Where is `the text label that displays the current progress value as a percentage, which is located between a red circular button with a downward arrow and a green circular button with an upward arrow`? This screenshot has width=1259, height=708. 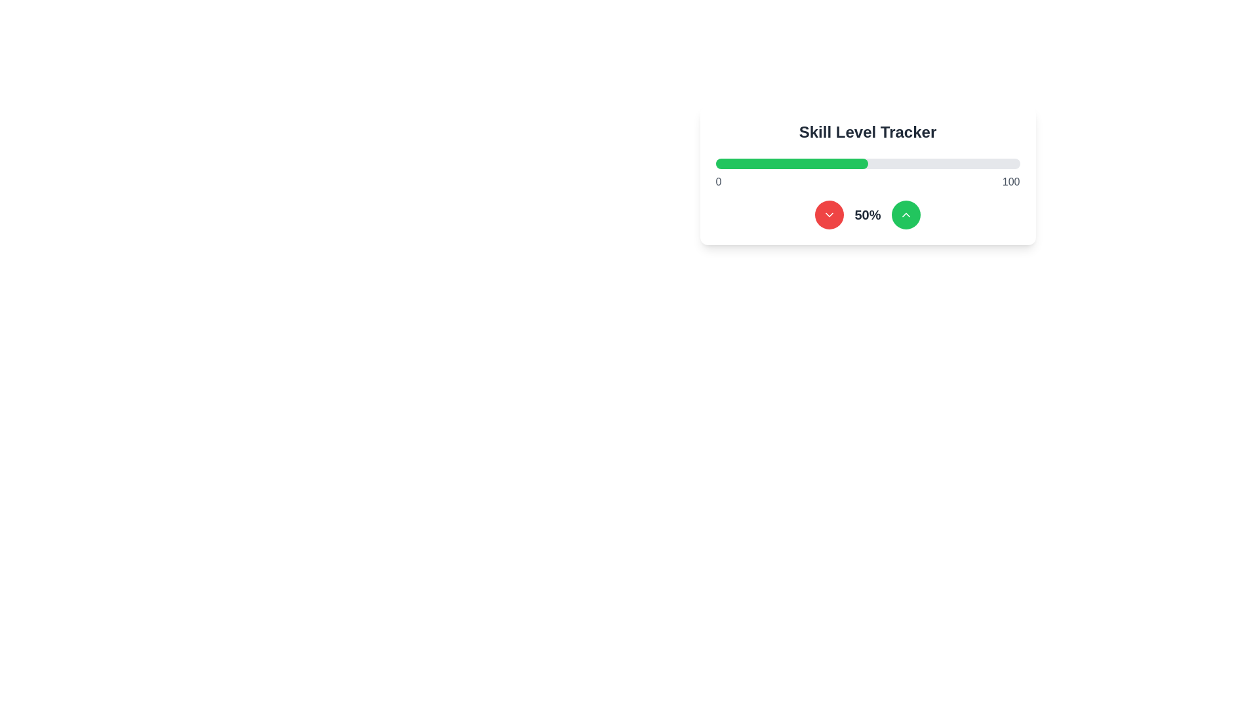
the text label that displays the current progress value as a percentage, which is located between a red circular button with a downward arrow and a green circular button with an upward arrow is located at coordinates (868, 214).